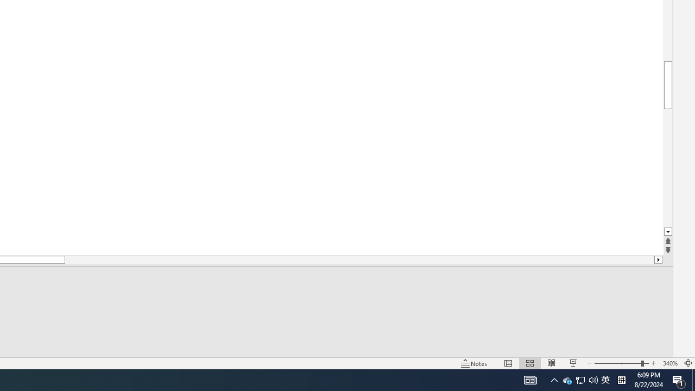  Describe the element at coordinates (669, 363) in the screenshot. I see `'Zoom 340%'` at that location.